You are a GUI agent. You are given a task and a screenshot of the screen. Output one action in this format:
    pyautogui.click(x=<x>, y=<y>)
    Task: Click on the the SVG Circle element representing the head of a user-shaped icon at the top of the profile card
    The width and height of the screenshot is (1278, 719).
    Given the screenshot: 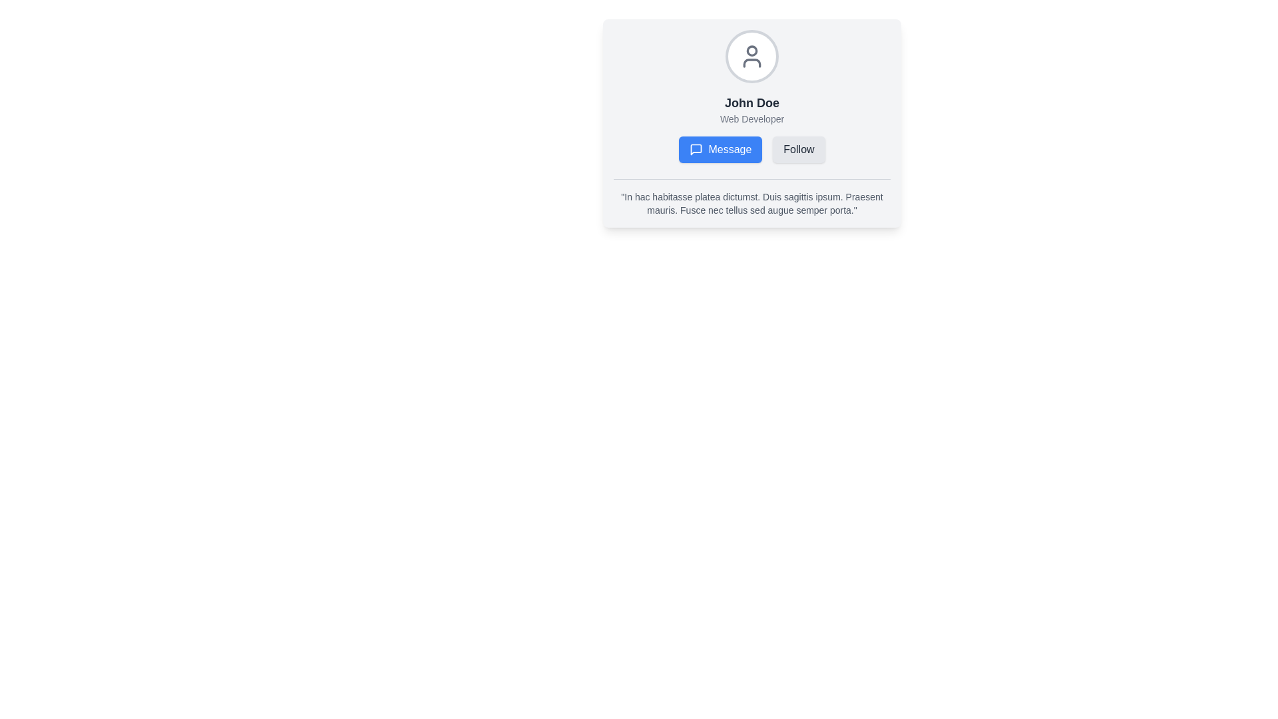 What is the action you would take?
    pyautogui.click(x=751, y=50)
    